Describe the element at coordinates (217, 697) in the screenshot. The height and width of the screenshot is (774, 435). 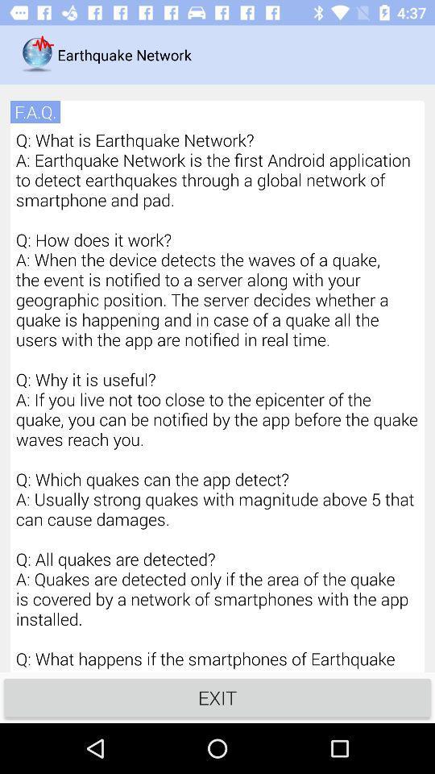
I see `the exit icon` at that location.